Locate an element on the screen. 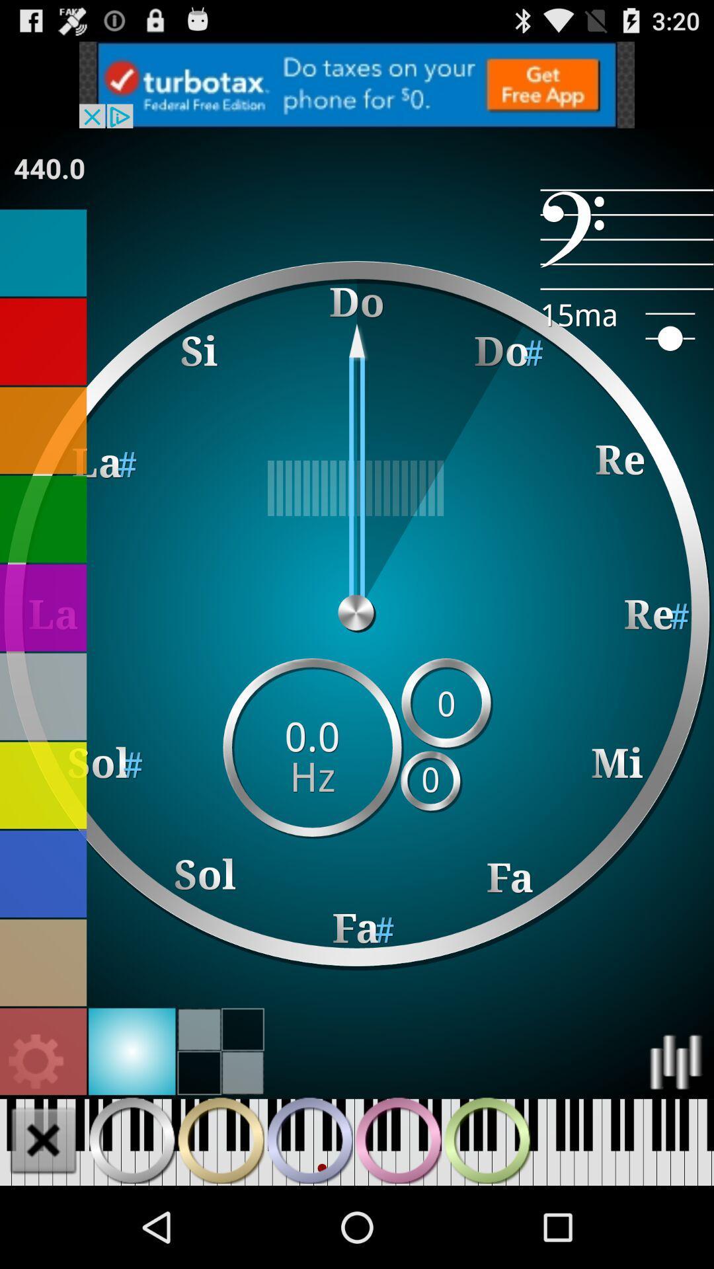 This screenshot has width=714, height=1269. settings is located at coordinates (42, 1051).